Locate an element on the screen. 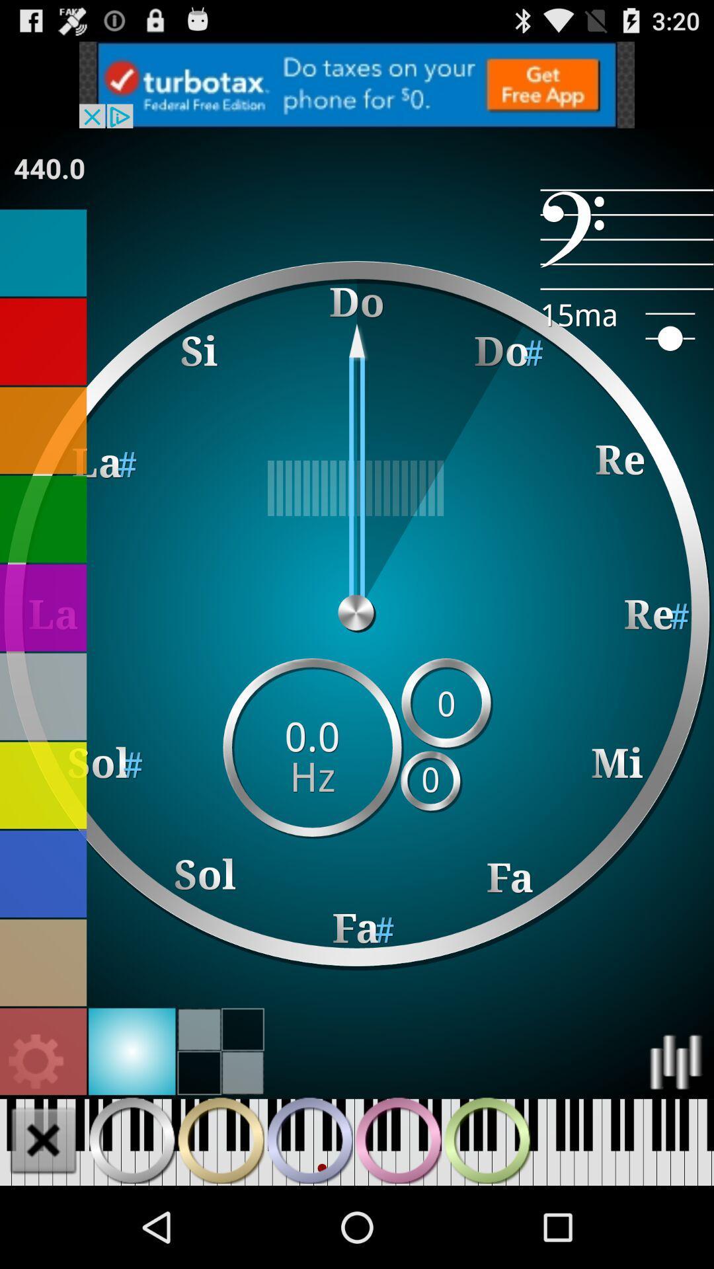 This screenshot has width=714, height=1269. settings is located at coordinates (42, 1051).